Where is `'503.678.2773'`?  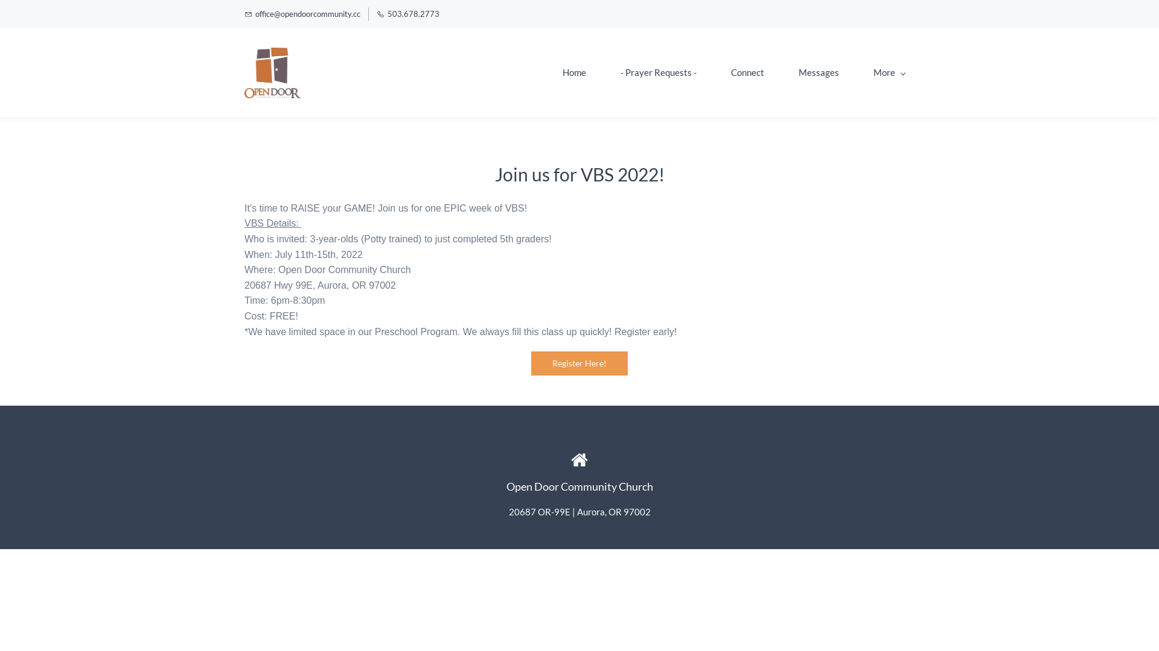 '503.678.2773' is located at coordinates (408, 14).